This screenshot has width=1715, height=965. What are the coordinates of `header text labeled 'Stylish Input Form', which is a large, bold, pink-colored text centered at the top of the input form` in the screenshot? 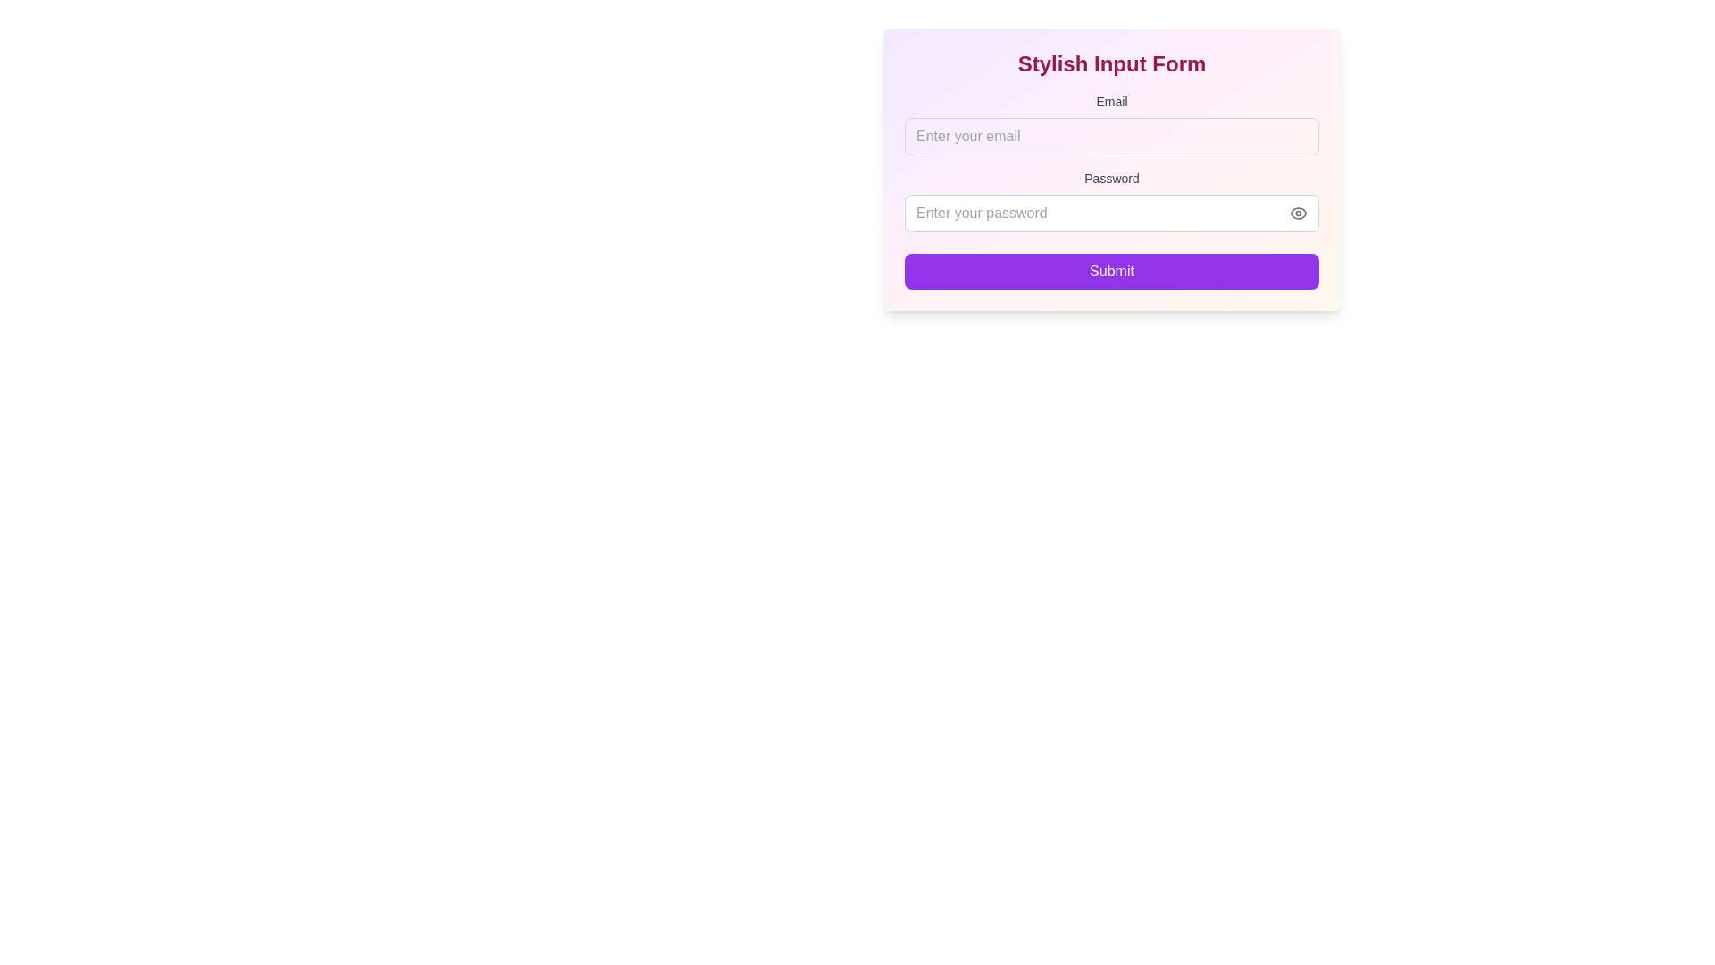 It's located at (1110, 63).